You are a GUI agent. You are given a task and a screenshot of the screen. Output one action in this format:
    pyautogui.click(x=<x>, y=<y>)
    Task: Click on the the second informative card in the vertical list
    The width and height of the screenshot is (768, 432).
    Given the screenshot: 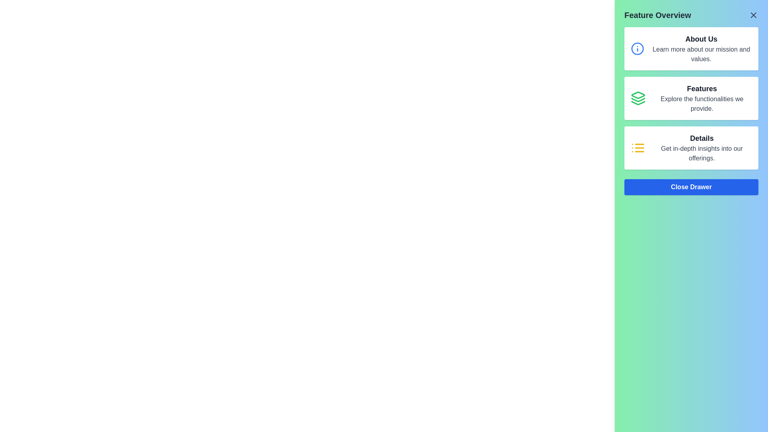 What is the action you would take?
    pyautogui.click(x=691, y=98)
    